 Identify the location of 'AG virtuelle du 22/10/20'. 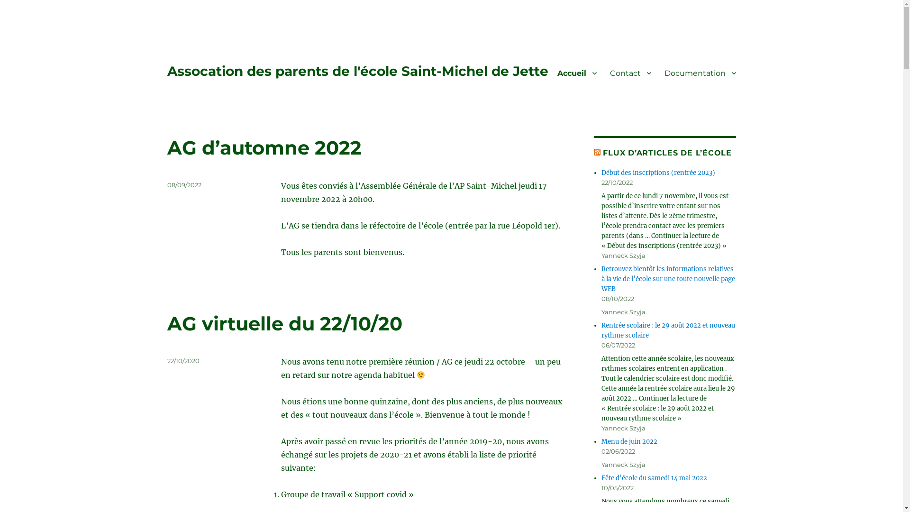
(284, 323).